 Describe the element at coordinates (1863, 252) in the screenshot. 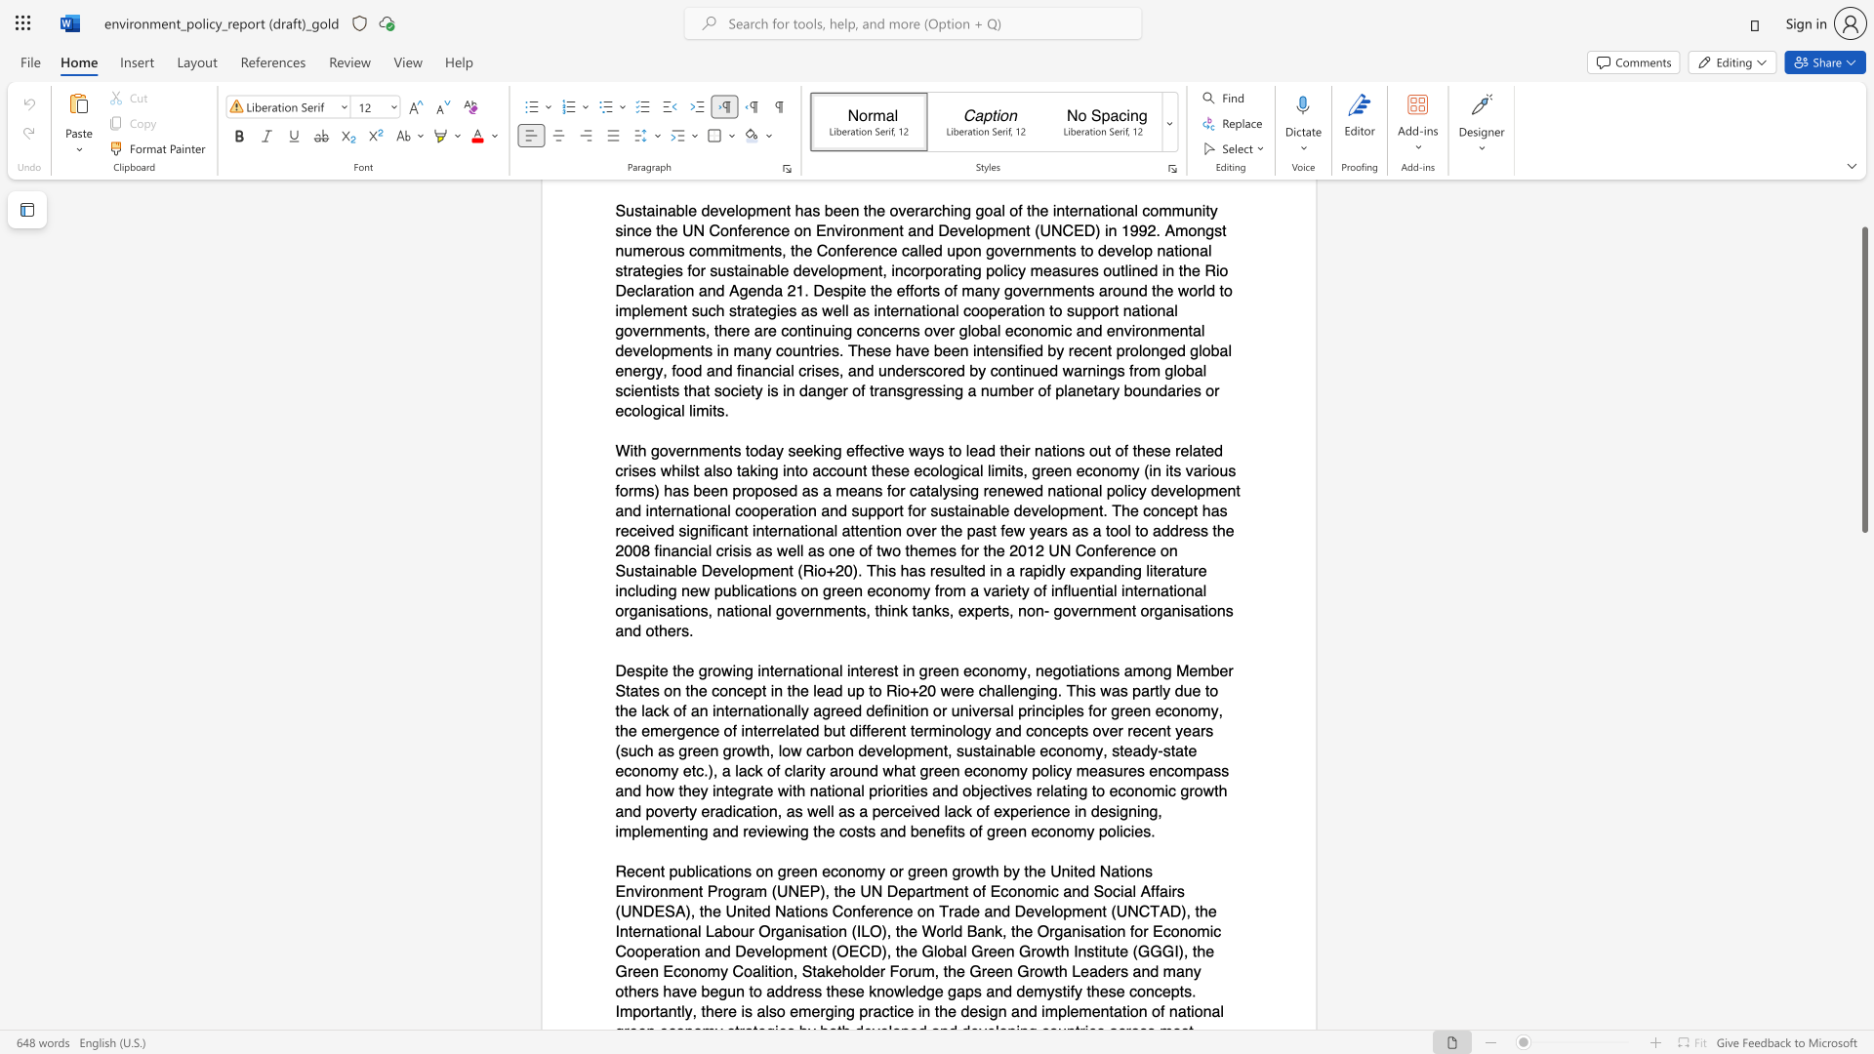

I see `the page's right scrollbar for upward movement` at that location.